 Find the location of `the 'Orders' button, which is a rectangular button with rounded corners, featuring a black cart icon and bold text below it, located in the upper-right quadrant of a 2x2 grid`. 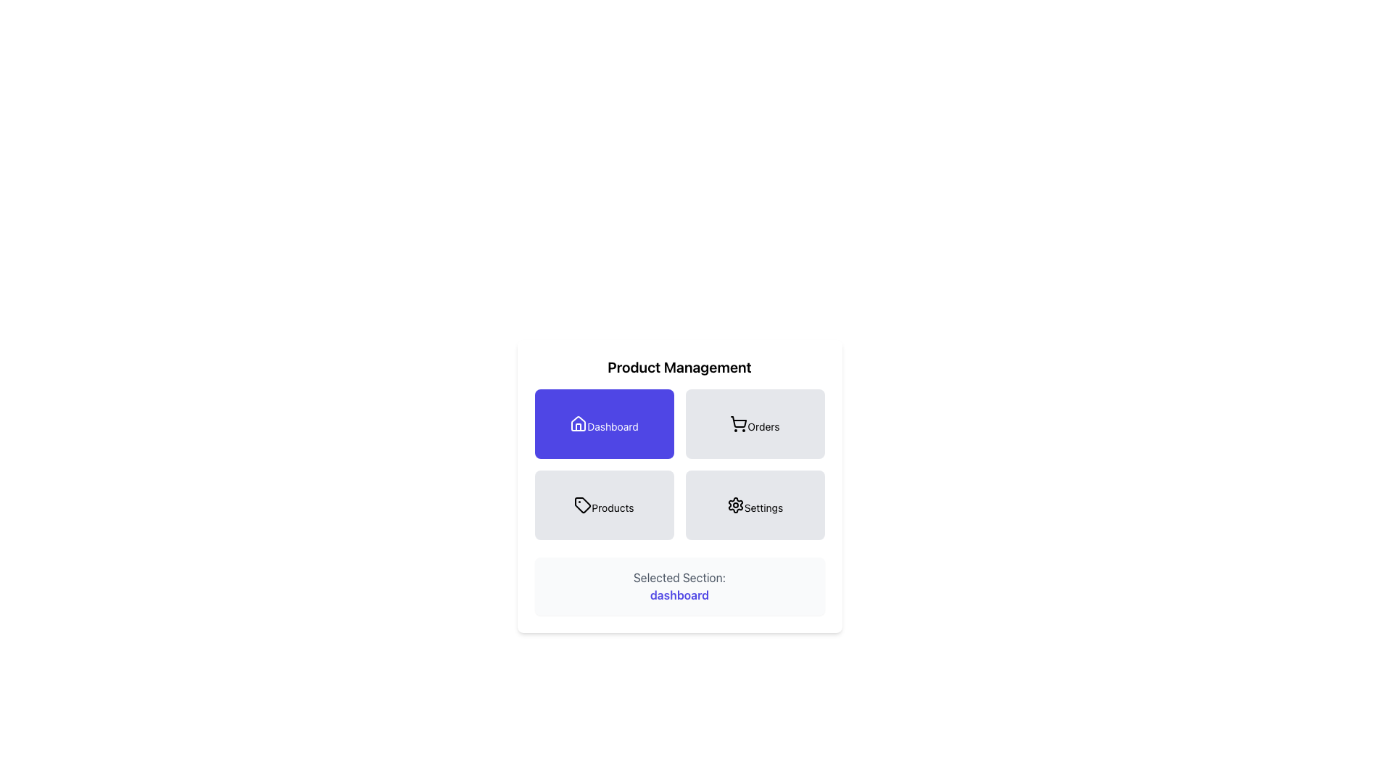

the 'Orders' button, which is a rectangular button with rounded corners, featuring a black cart icon and bold text below it, located in the upper-right quadrant of a 2x2 grid is located at coordinates (754, 424).